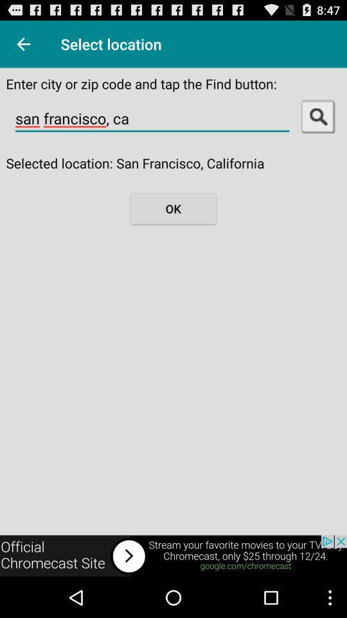 The image size is (347, 618). I want to click on back, so click(23, 44).